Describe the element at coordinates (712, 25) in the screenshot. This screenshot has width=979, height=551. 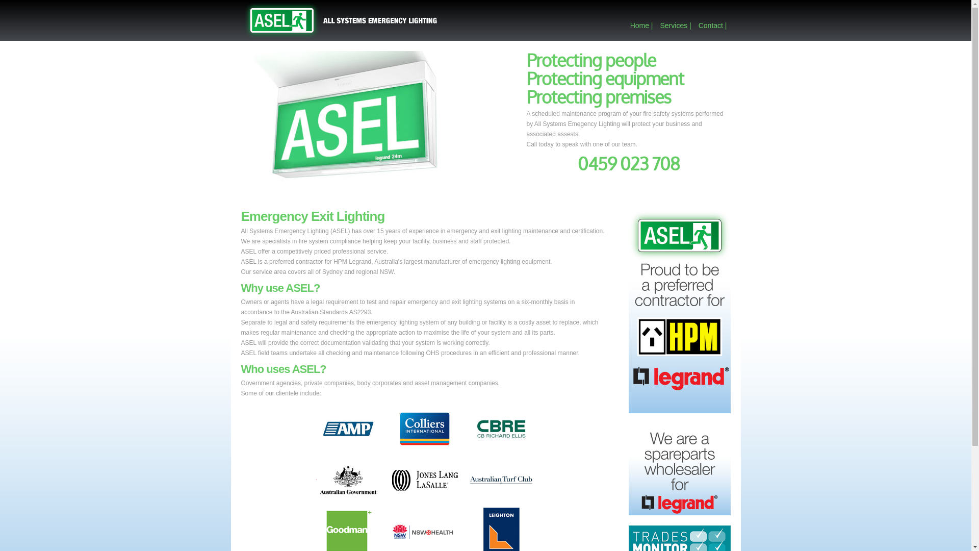
I see `'Contact |'` at that location.